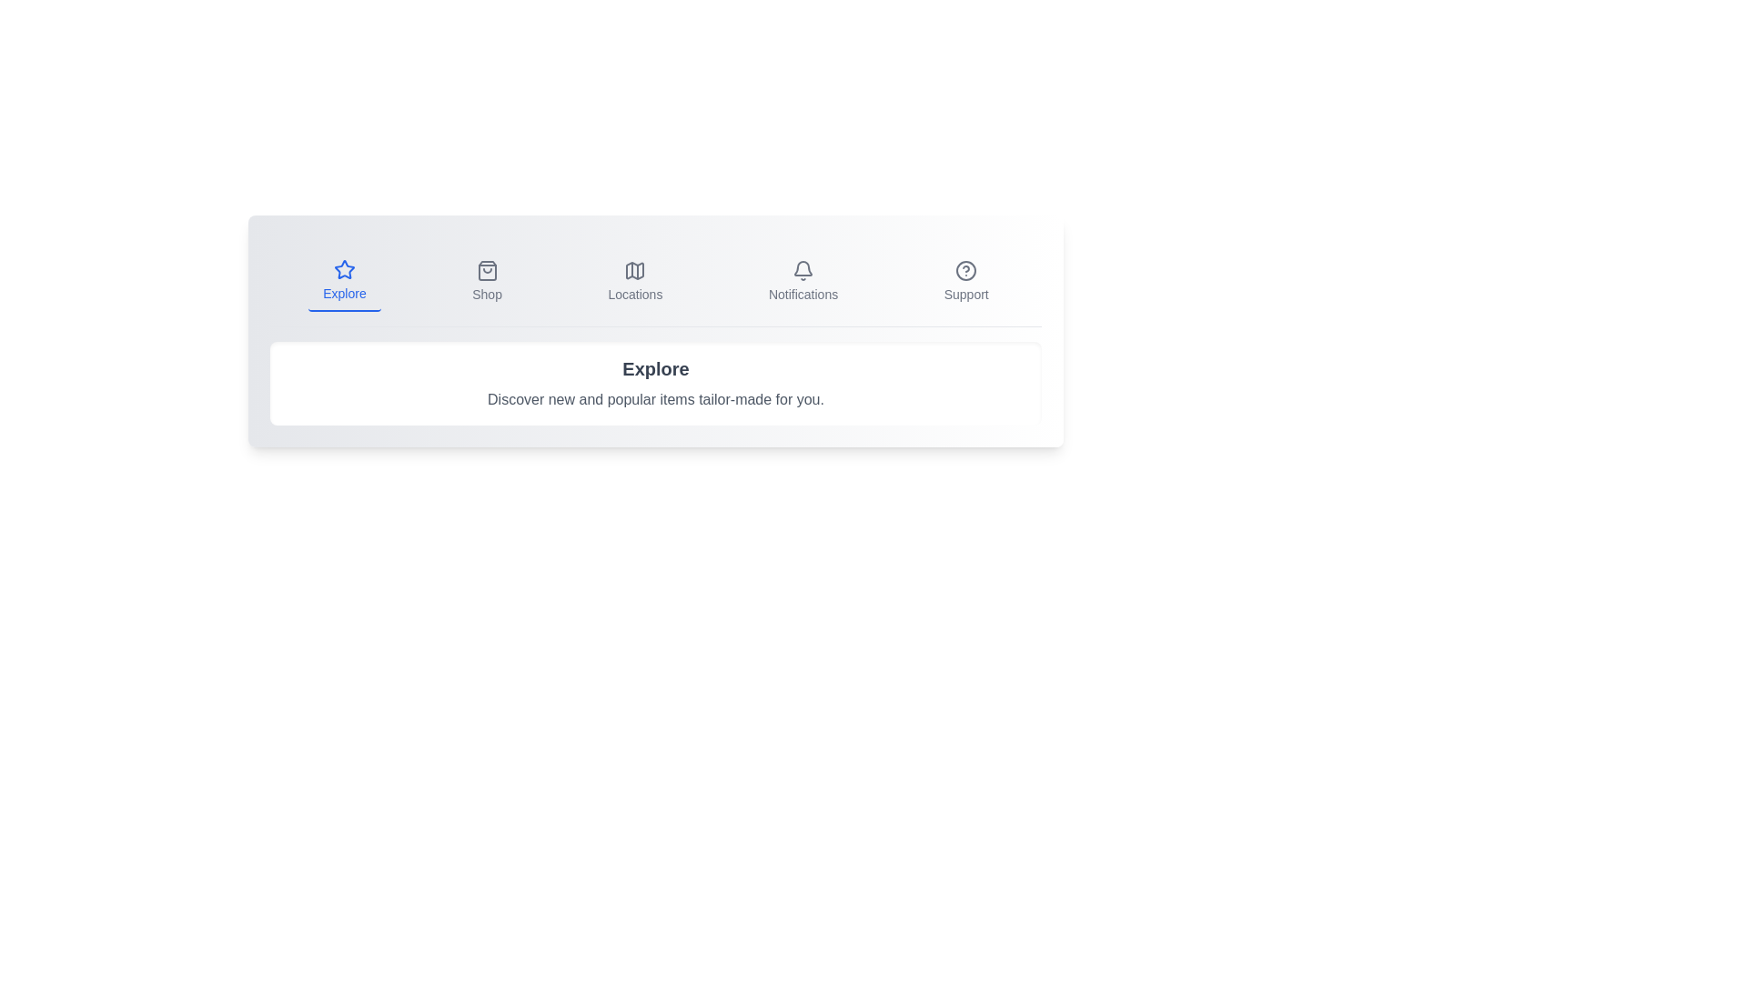  Describe the element at coordinates (487, 281) in the screenshot. I see `the 'Shop' button, which features a shopping bag icon above the text and is located in the navigation menu between 'Explore' and 'Locations'` at that location.